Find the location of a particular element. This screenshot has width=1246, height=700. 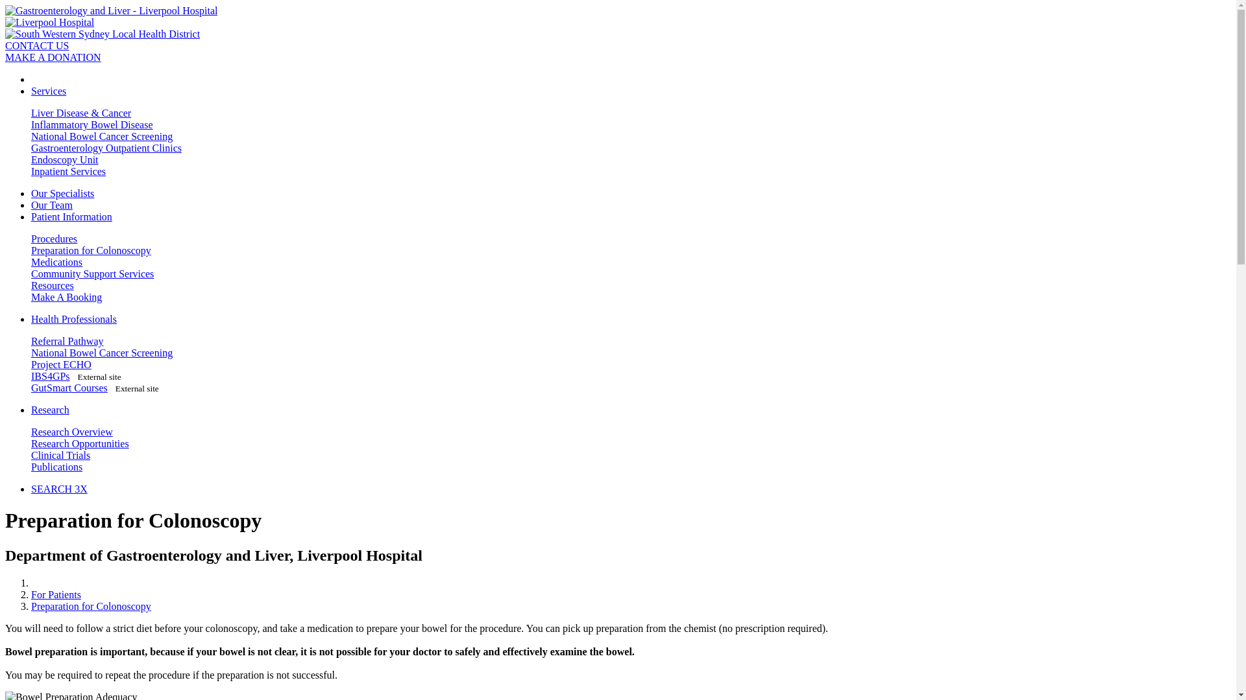

'For Patients' is located at coordinates (31, 594).